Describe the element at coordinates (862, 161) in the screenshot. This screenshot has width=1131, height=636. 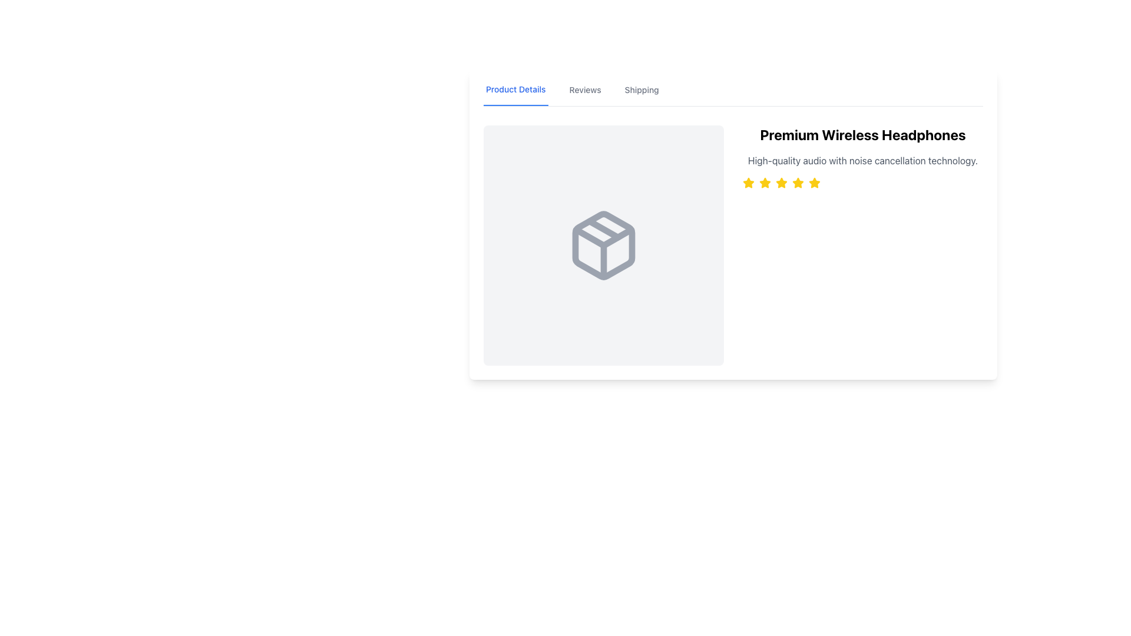
I see `the text label that describes 'High-quality audio with noise cancellation technology.', which is located below the heading 'Premium Wireless Headphones' in the product details interface` at that location.